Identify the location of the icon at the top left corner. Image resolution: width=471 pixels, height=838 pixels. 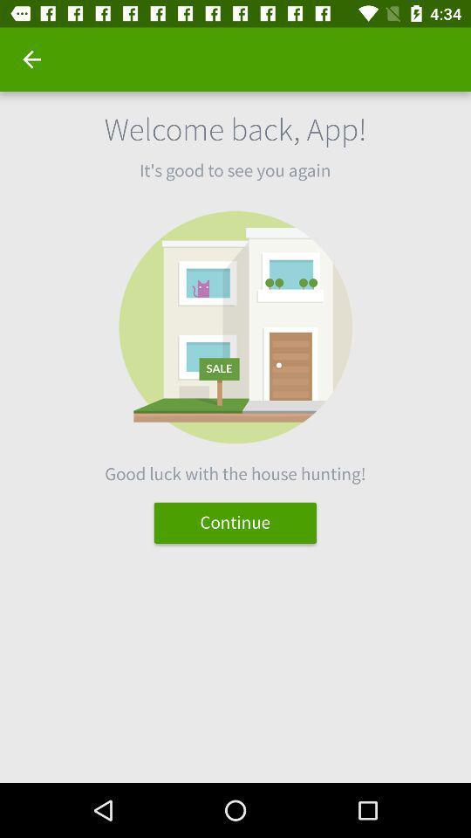
(31, 59).